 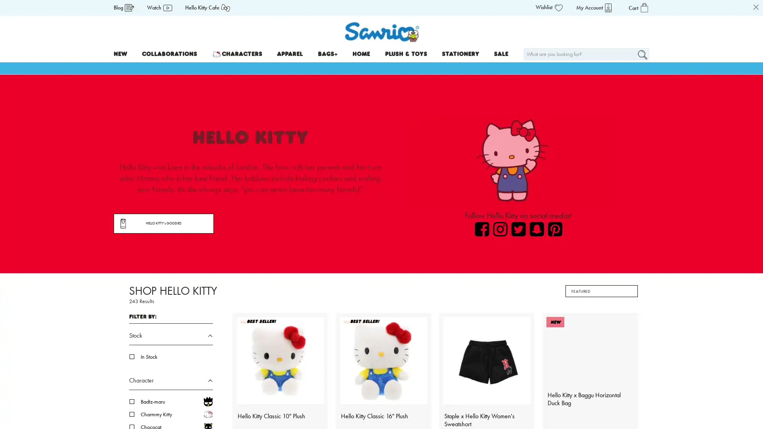 I want to click on Character, so click(x=170, y=383).